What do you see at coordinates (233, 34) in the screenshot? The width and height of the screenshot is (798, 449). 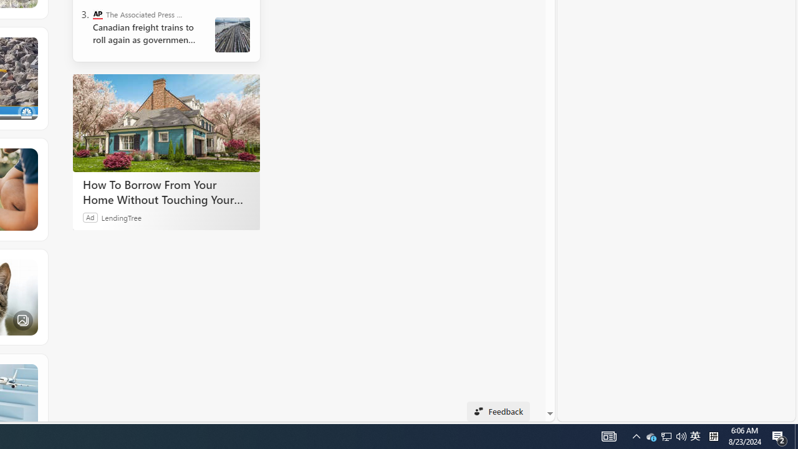 I see `'Darryl Dyck Canada Railroads Unions'` at bounding box center [233, 34].